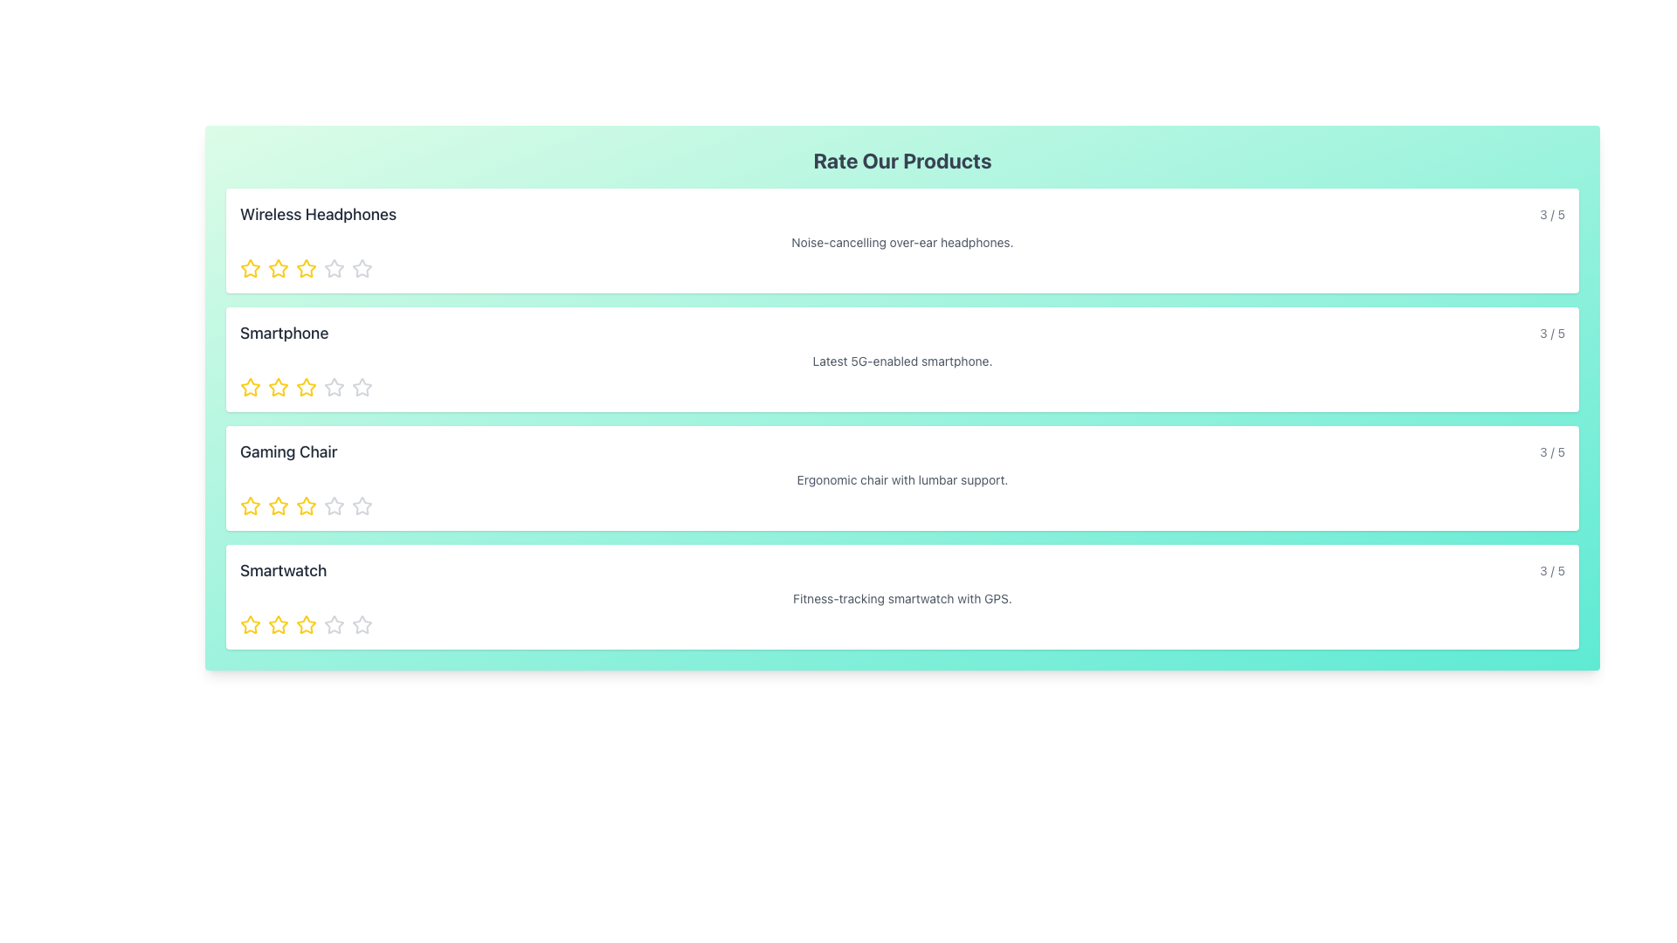 This screenshot has width=1677, height=943. Describe the element at coordinates (284, 333) in the screenshot. I see `the static text label displaying 'Smartphone' in bold, dark gray font, located in the second block of the 'Rate Our Products' section` at that location.